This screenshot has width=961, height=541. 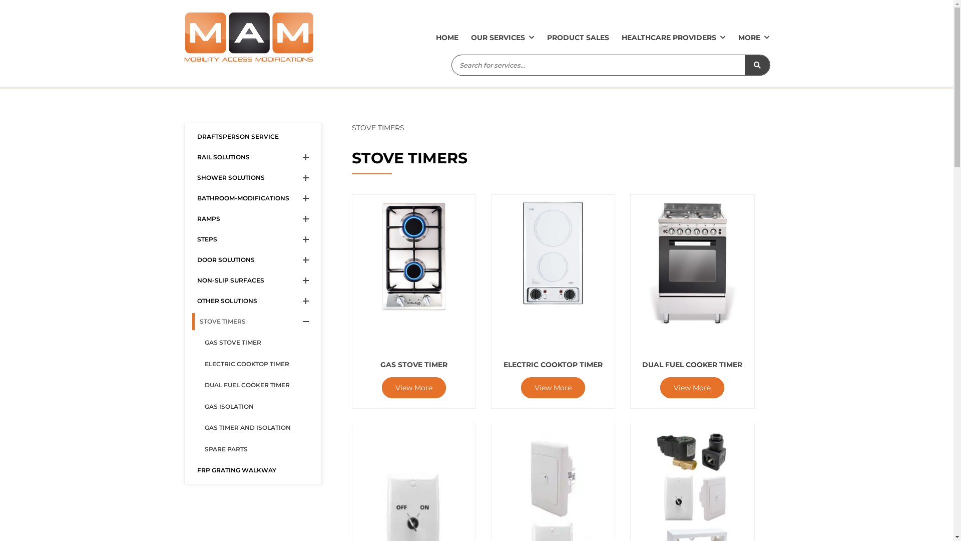 What do you see at coordinates (244, 177) in the screenshot?
I see `'SHOWER SOLUTIONS'` at bounding box center [244, 177].